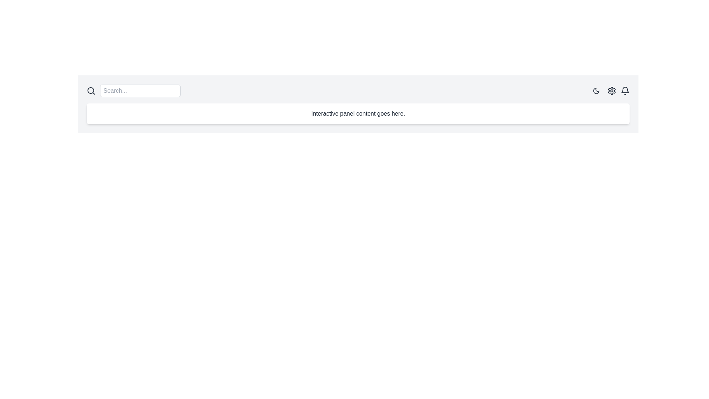 The height and width of the screenshot is (399, 709). Describe the element at coordinates (90, 90) in the screenshot. I see `the central SVG circle element representing the magnifying lens in the search icon, which is part of the search interface's design` at that location.